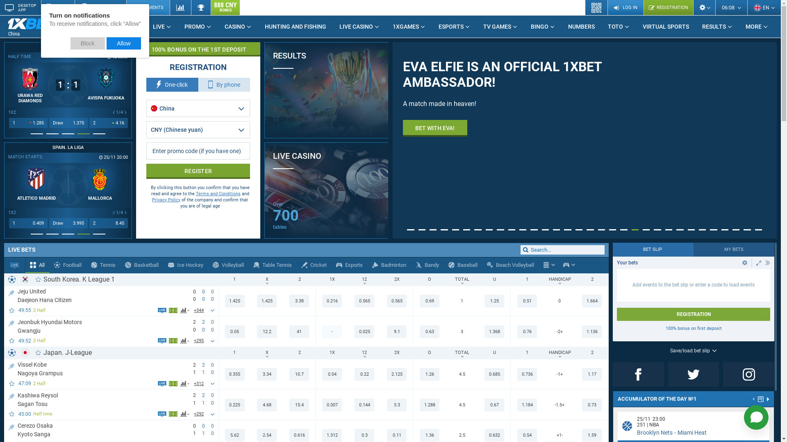 This screenshot has height=442, width=787. What do you see at coordinates (756, 26) in the screenshot?
I see `'MORE'` at bounding box center [756, 26].